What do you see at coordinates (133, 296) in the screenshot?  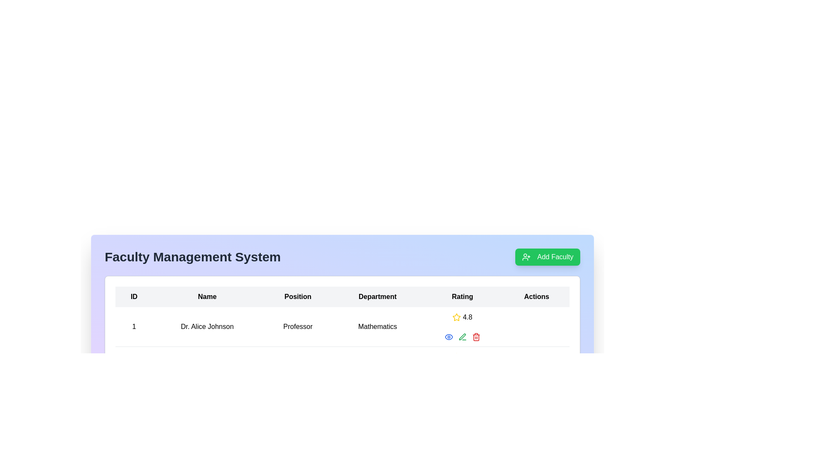 I see `the text label displaying 'ID' in bold black font located at the far-left of the header row within a table-like layout` at bounding box center [133, 296].